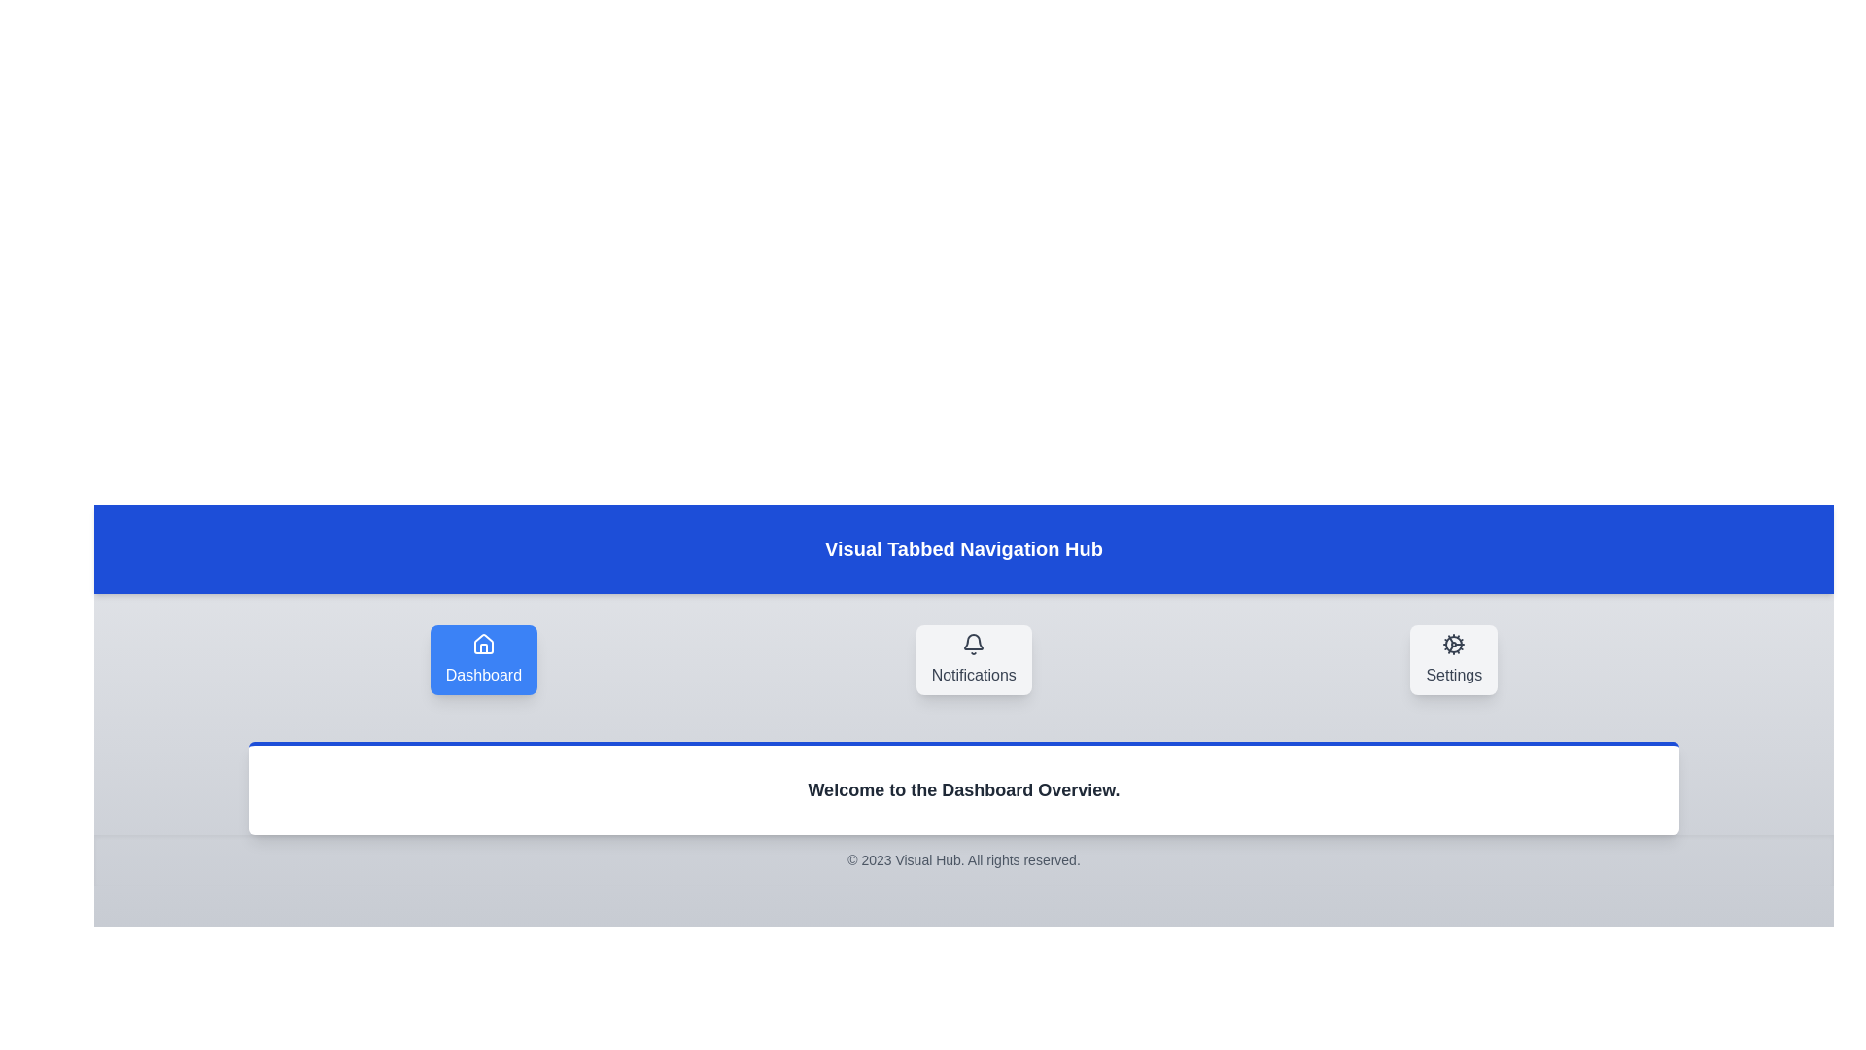 The image size is (1866, 1050). Describe the element at coordinates (964, 658) in the screenshot. I see `the middle navigation tab in the 'Visual Tabbed Navigation Hub'` at that location.